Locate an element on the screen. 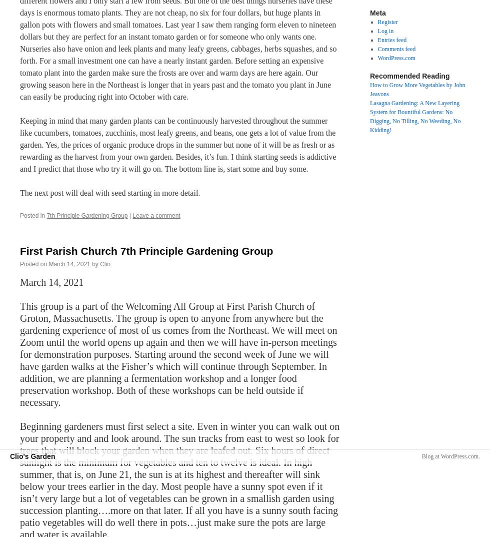 The width and height of the screenshot is (490, 537). 'The next post will deal with seed starting in more detail.' is located at coordinates (110, 192).